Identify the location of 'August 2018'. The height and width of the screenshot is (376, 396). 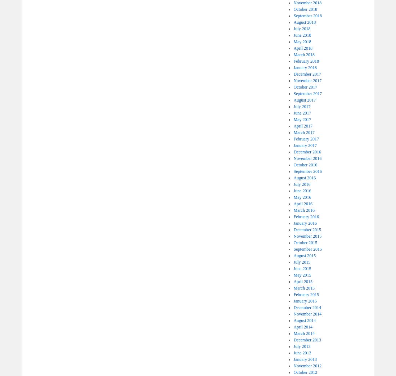
(304, 22).